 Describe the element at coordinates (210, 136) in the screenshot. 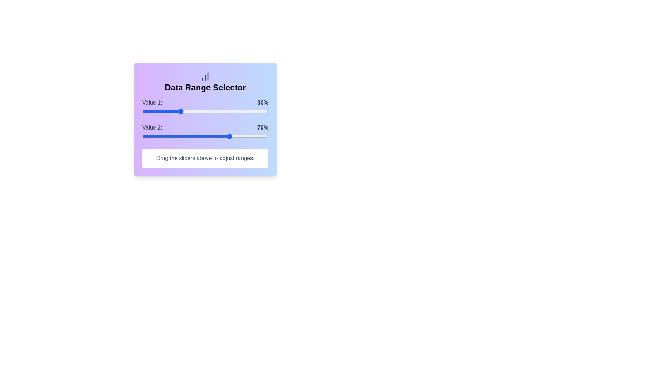

I see `the Value 2 slider to 54%` at that location.